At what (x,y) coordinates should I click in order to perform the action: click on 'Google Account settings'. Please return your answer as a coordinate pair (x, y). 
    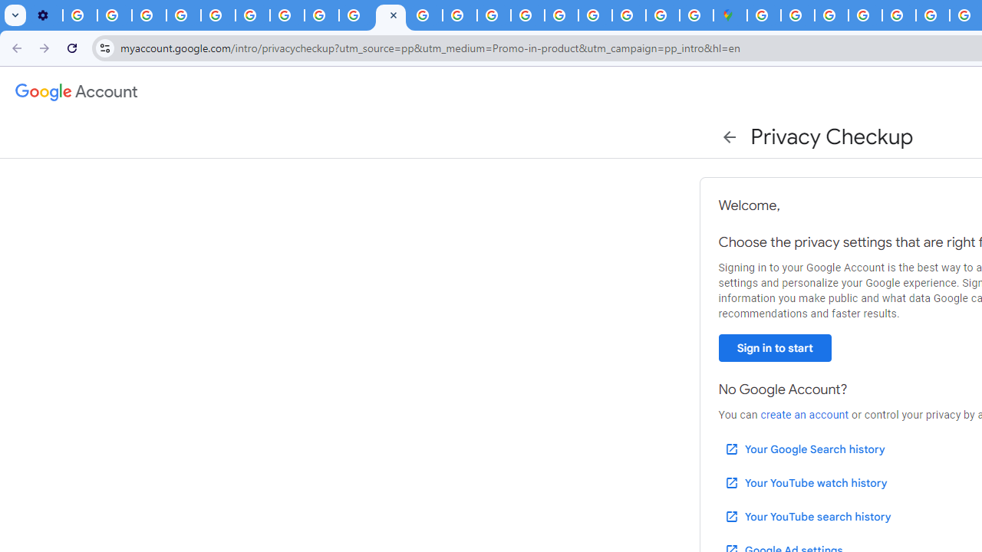
    Looking at the image, I should click on (76, 92).